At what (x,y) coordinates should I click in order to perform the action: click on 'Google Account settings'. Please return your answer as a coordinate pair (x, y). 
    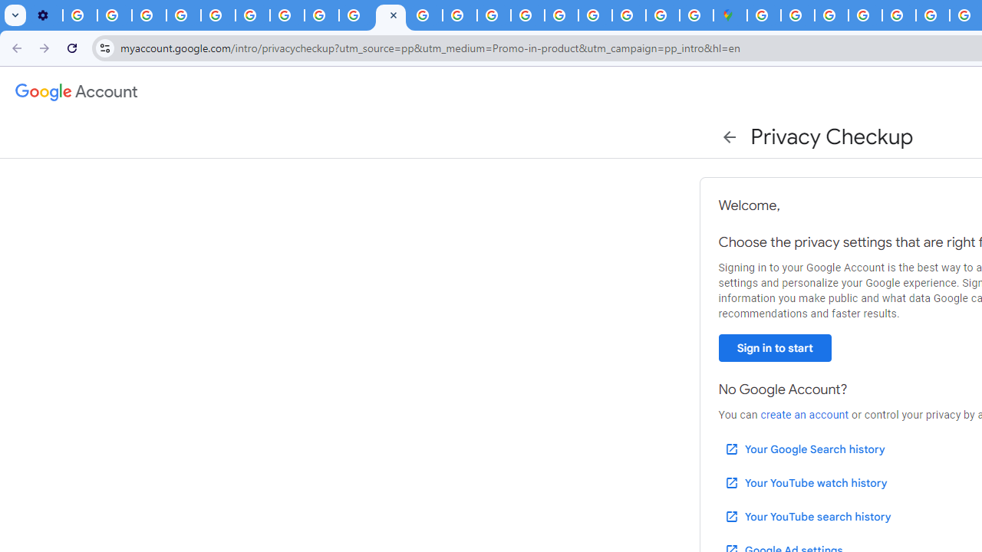
    Looking at the image, I should click on (76, 92).